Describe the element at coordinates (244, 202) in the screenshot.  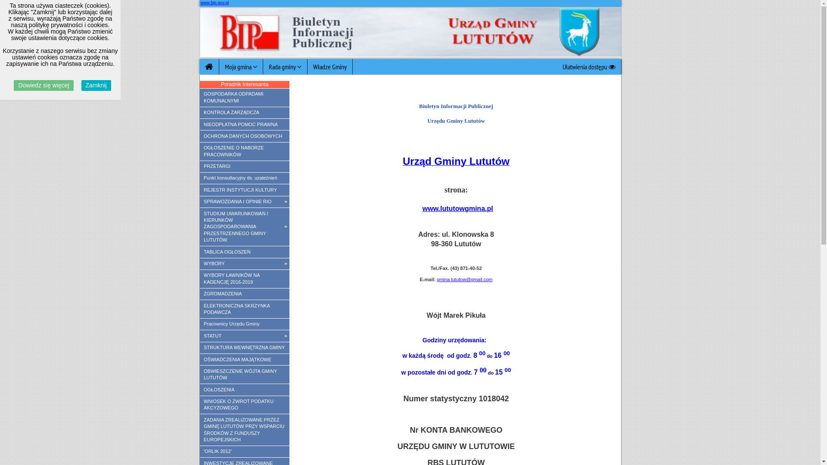
I see `'SPRAWOZDANIA I OPINIE RIO'` at that location.